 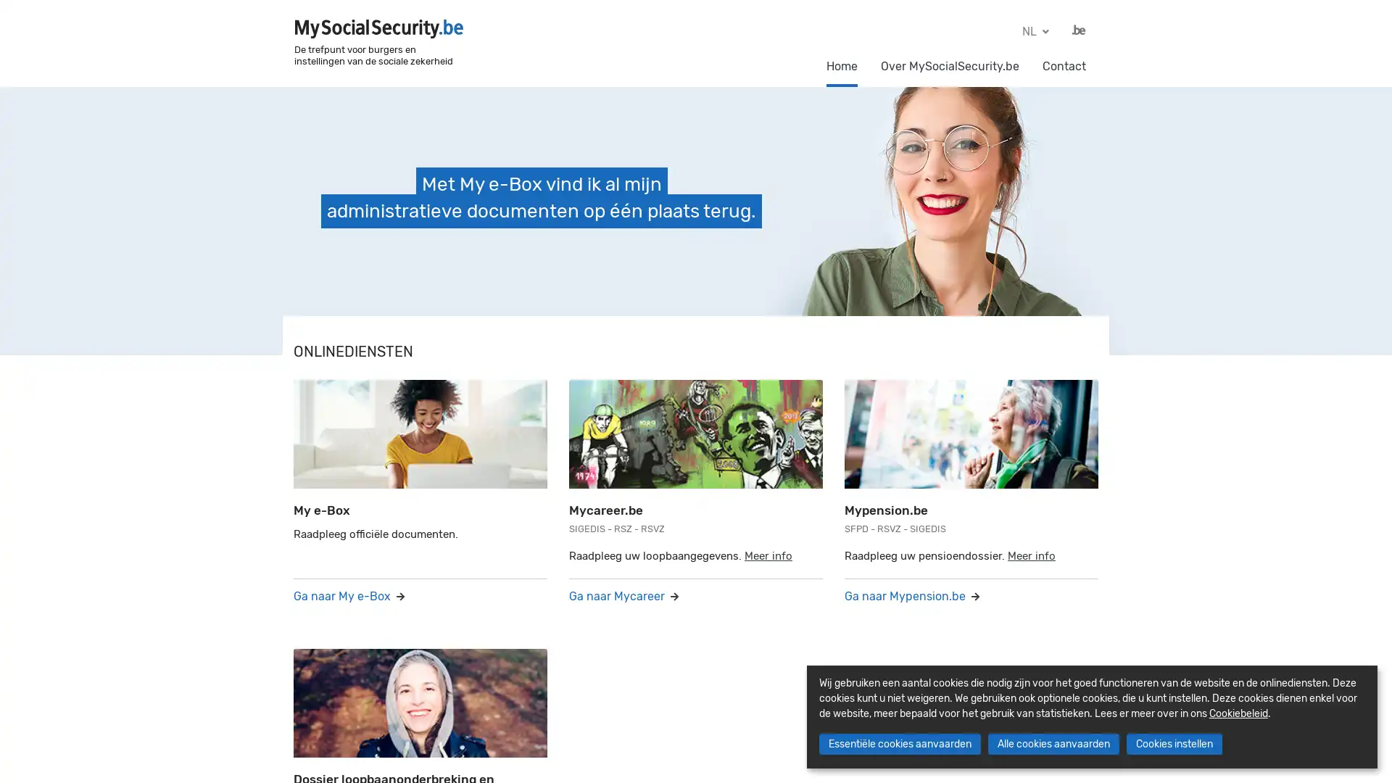 I want to click on Alle cookies aanvaarden, so click(x=1053, y=744).